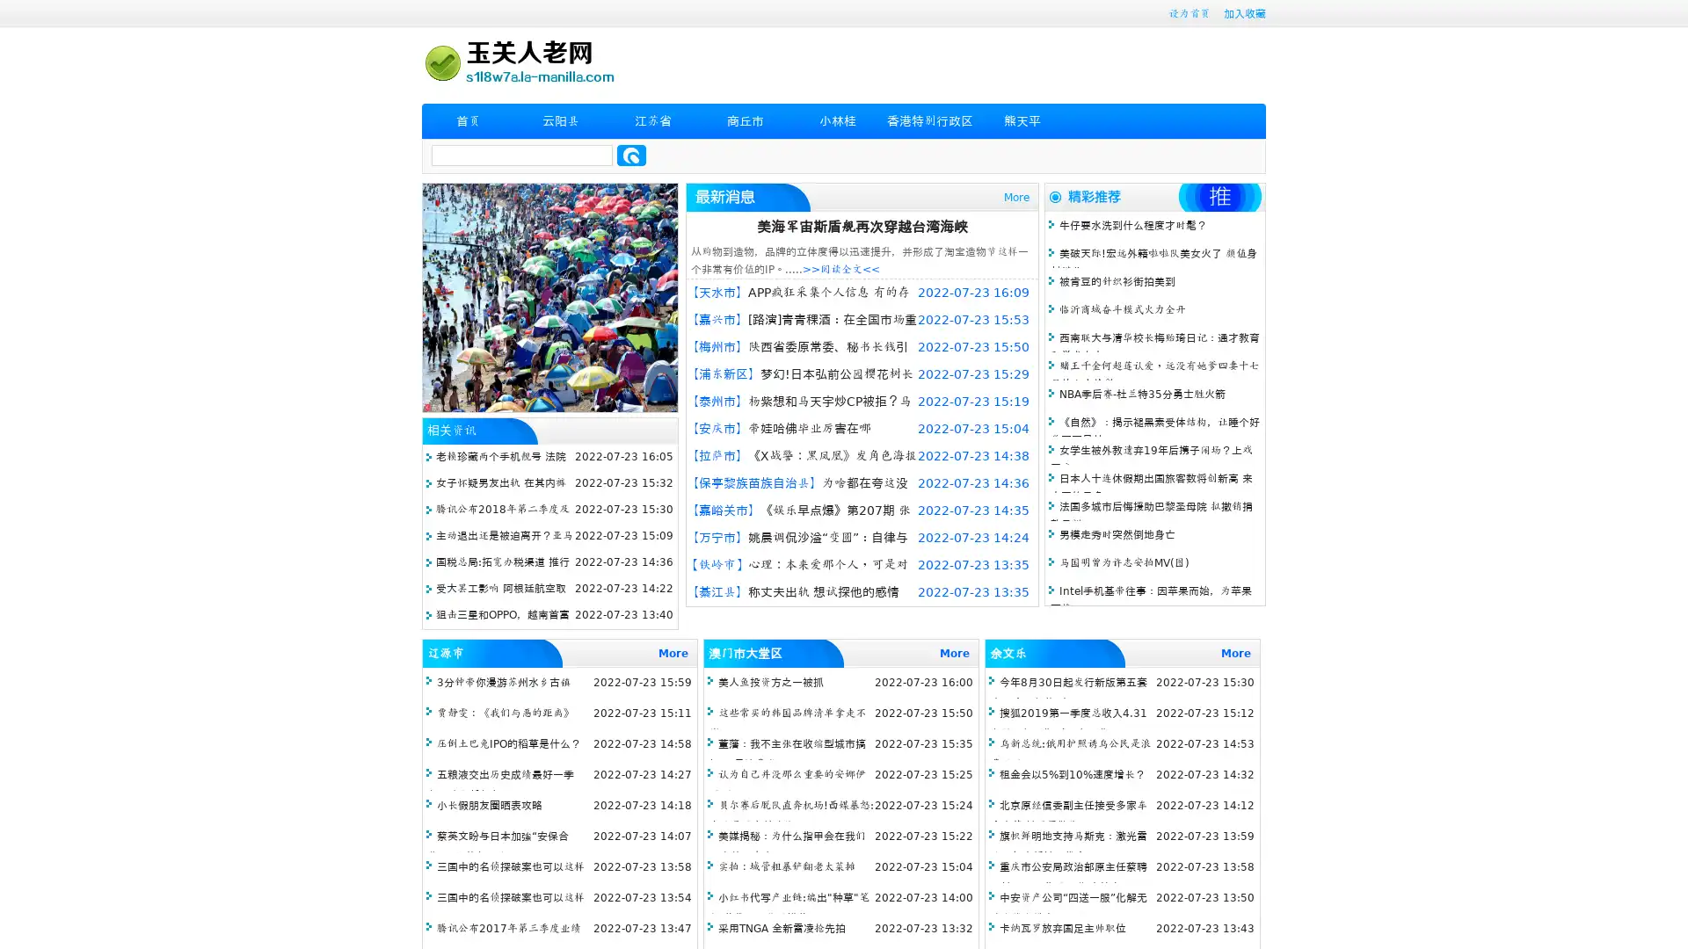 The width and height of the screenshot is (1688, 949). I want to click on Search, so click(631, 155).